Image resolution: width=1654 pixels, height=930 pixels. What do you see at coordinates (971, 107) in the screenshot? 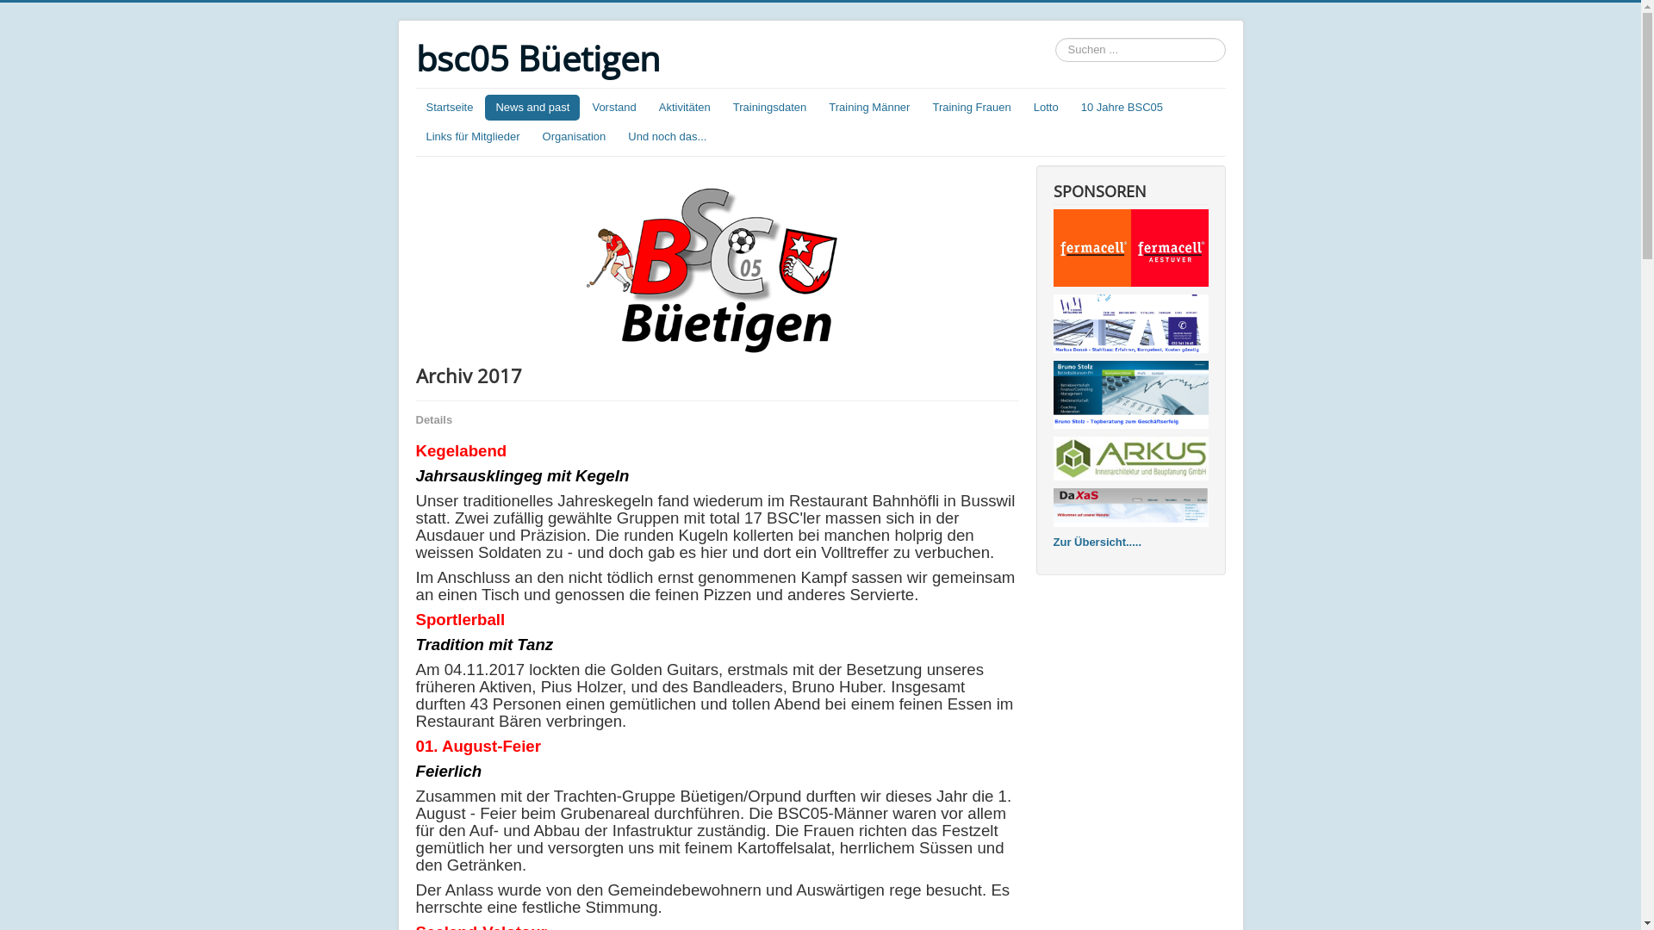
I see `'Training Frauen'` at bounding box center [971, 107].